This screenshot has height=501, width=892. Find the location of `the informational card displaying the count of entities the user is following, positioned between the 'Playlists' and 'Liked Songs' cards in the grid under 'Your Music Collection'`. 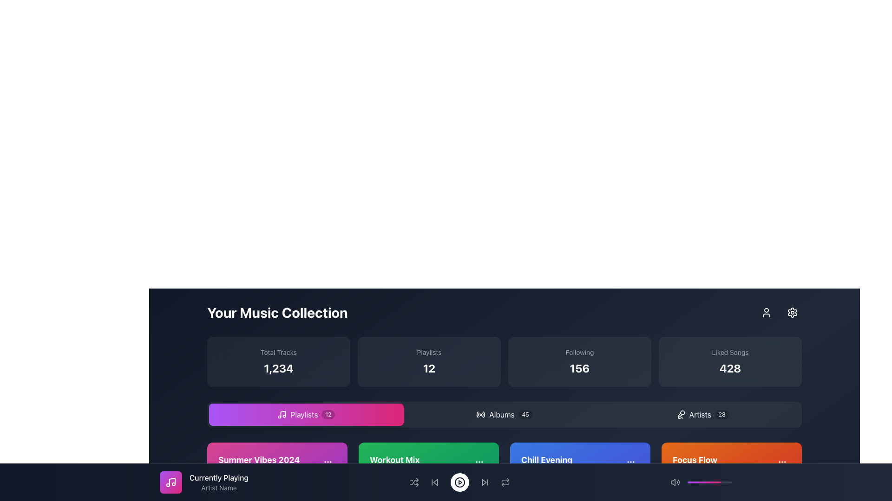

the informational card displaying the count of entities the user is following, positioned between the 'Playlists' and 'Liked Songs' cards in the grid under 'Your Music Collection' is located at coordinates (579, 361).